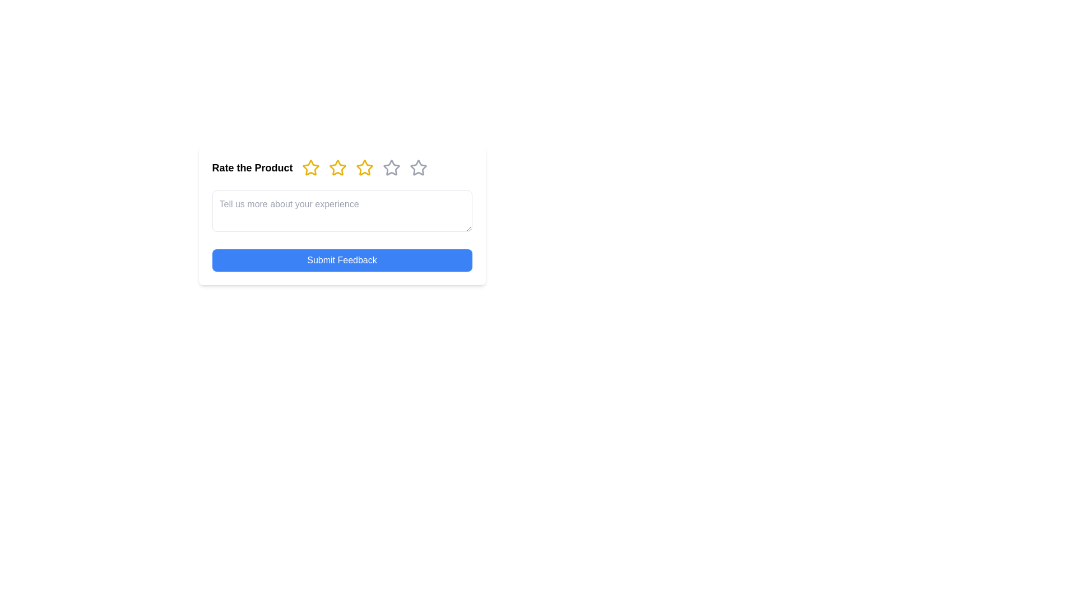  What do you see at coordinates (341, 260) in the screenshot?
I see `the feedback submission button located at the bottom of the feedback form` at bounding box center [341, 260].